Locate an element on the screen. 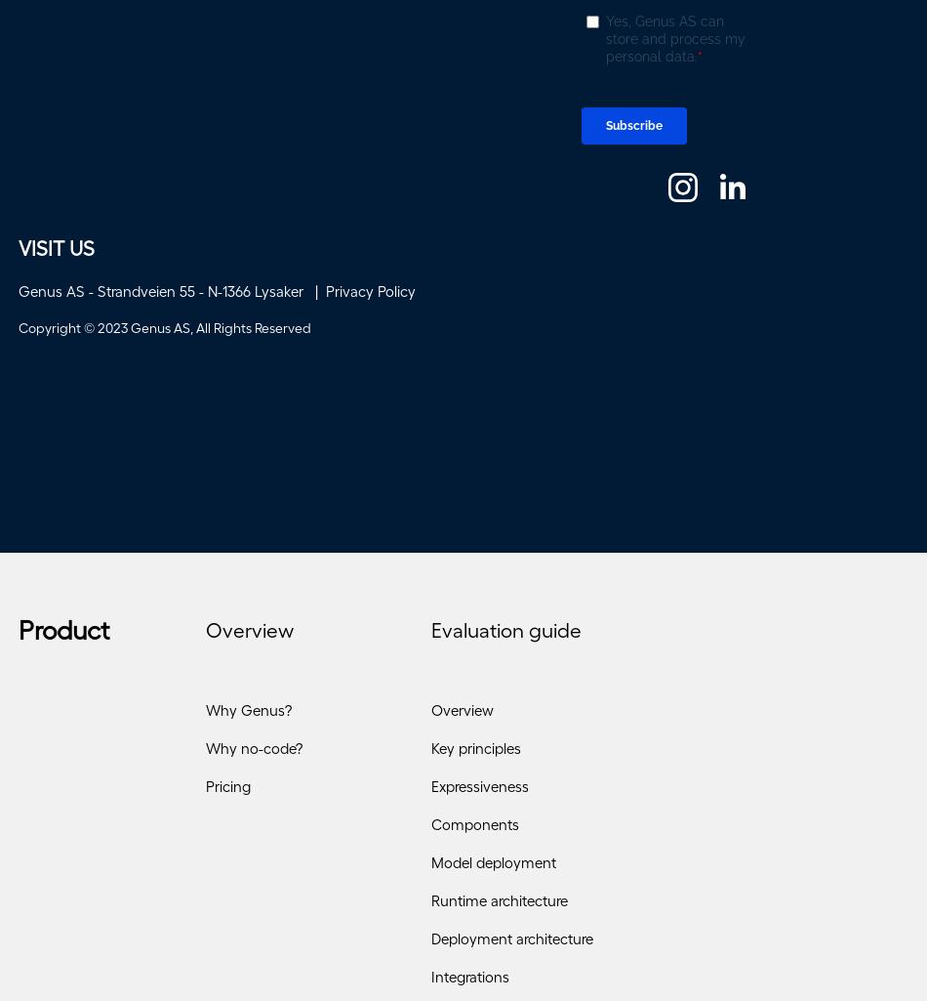 The image size is (927, 1001). 'Product' is located at coordinates (63, 634).